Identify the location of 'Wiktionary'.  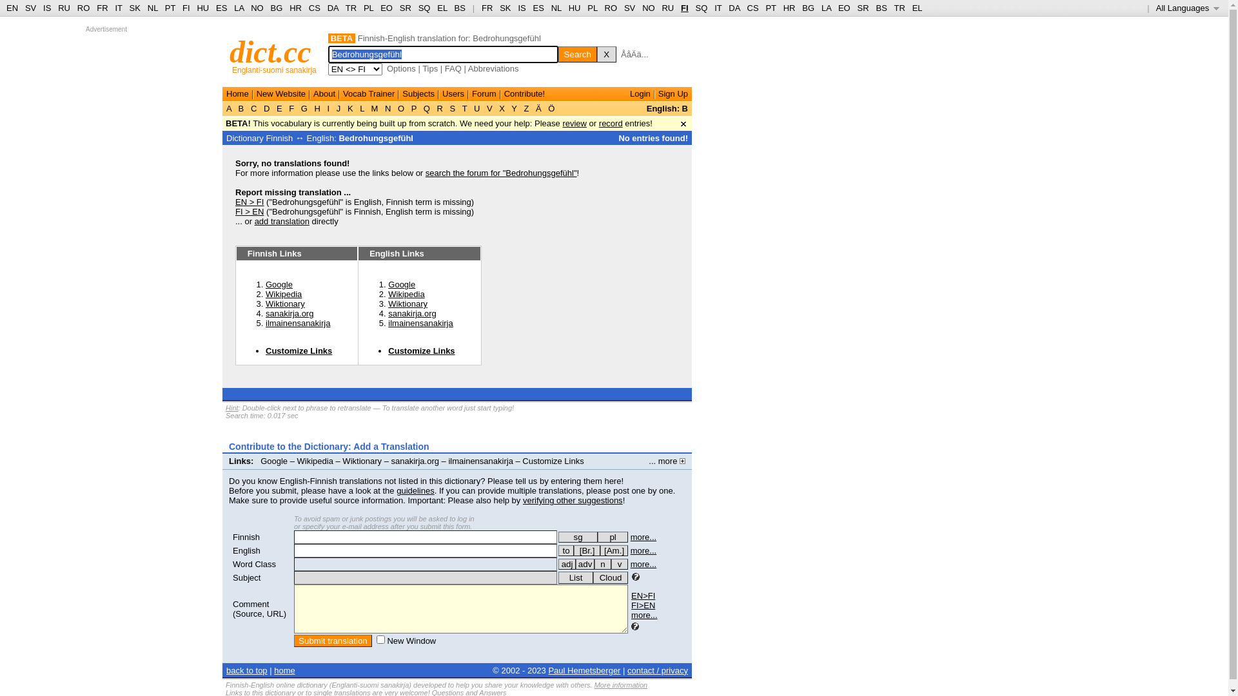
(407, 304).